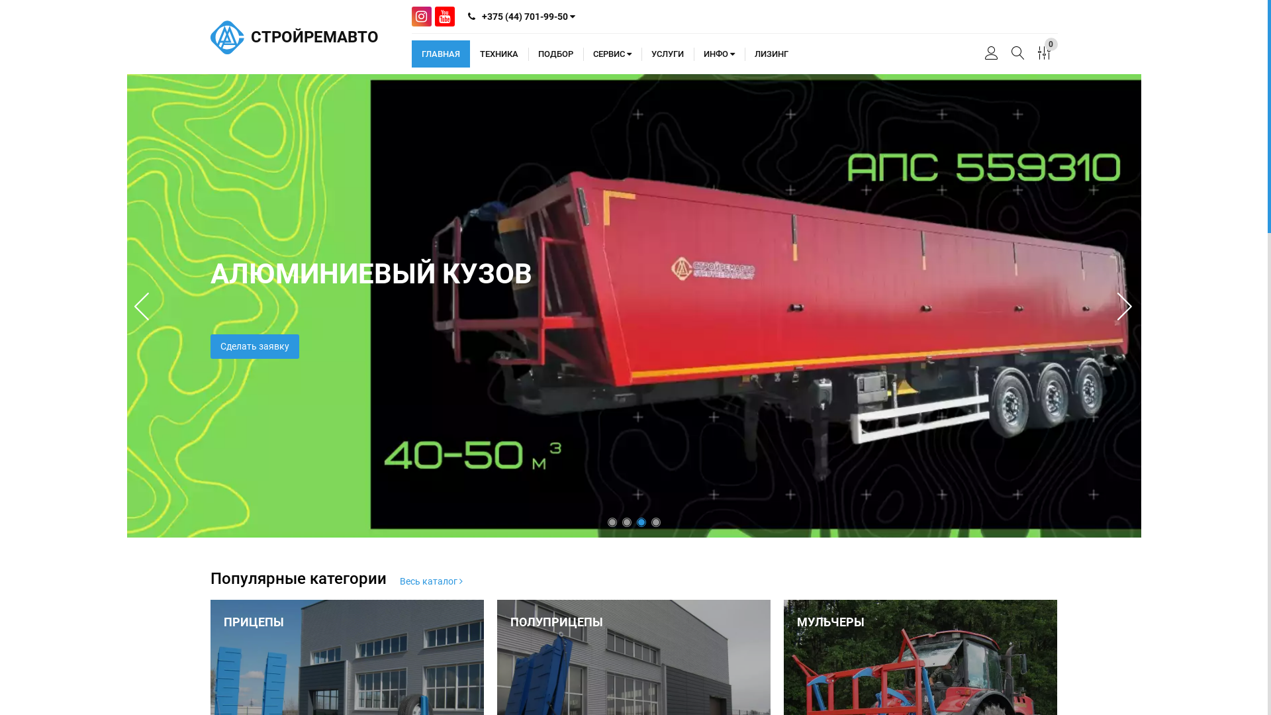 The image size is (1271, 715). Describe the element at coordinates (520, 16) in the screenshot. I see `'+375 (44) 701-99-50'` at that location.